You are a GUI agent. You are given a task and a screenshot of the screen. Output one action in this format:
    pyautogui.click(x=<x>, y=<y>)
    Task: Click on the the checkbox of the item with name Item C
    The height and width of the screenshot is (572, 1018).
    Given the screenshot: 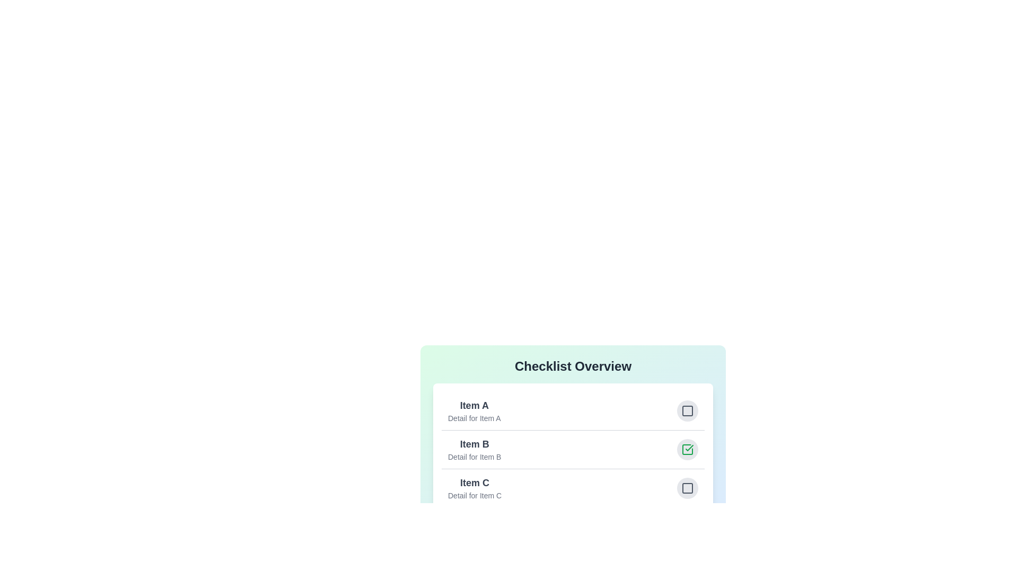 What is the action you would take?
    pyautogui.click(x=687, y=488)
    